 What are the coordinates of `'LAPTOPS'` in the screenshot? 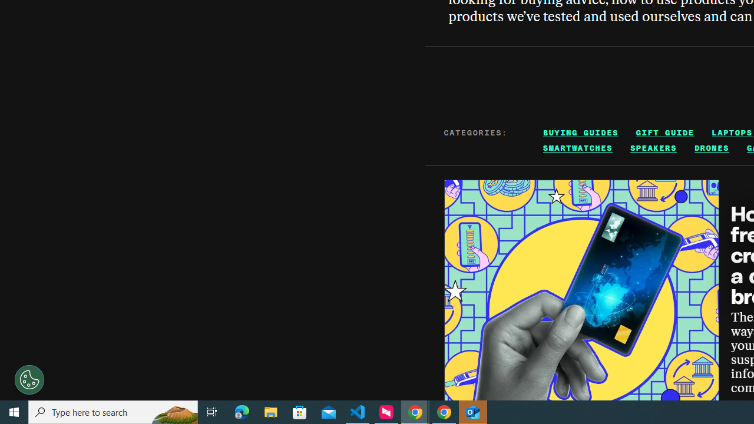 It's located at (731, 132).